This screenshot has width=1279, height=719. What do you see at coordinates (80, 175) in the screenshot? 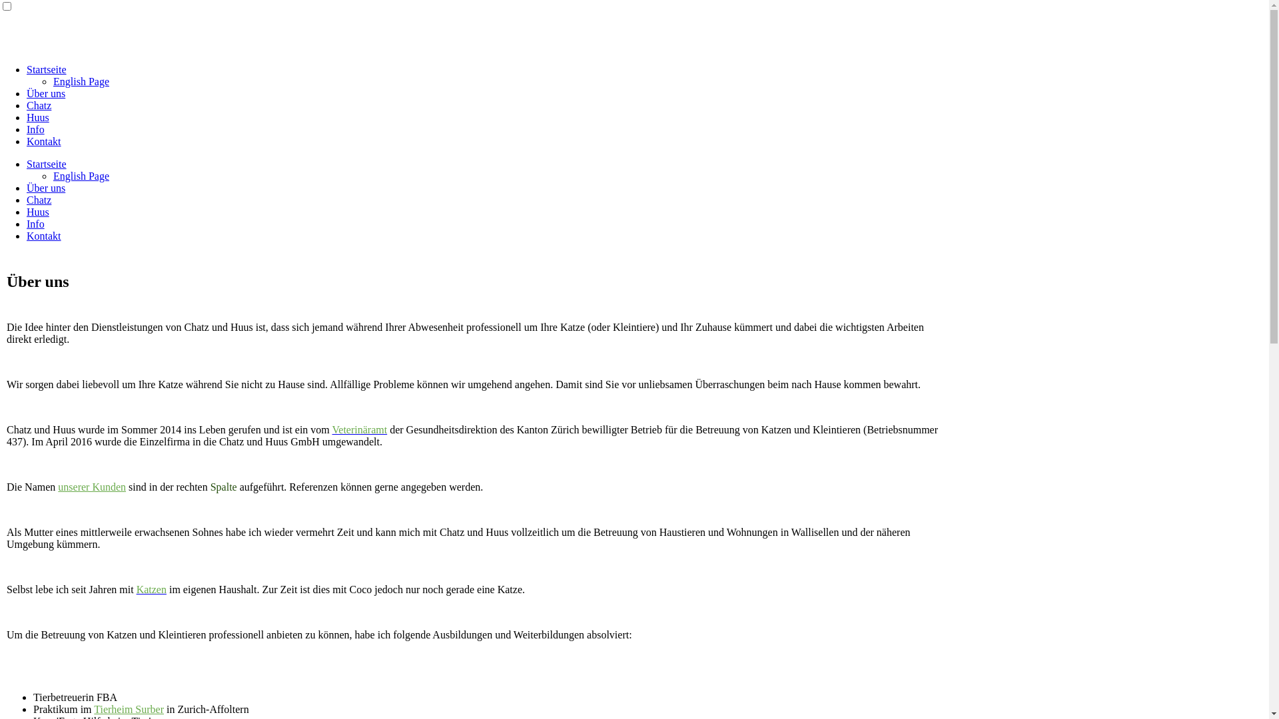
I see `'English Page'` at bounding box center [80, 175].